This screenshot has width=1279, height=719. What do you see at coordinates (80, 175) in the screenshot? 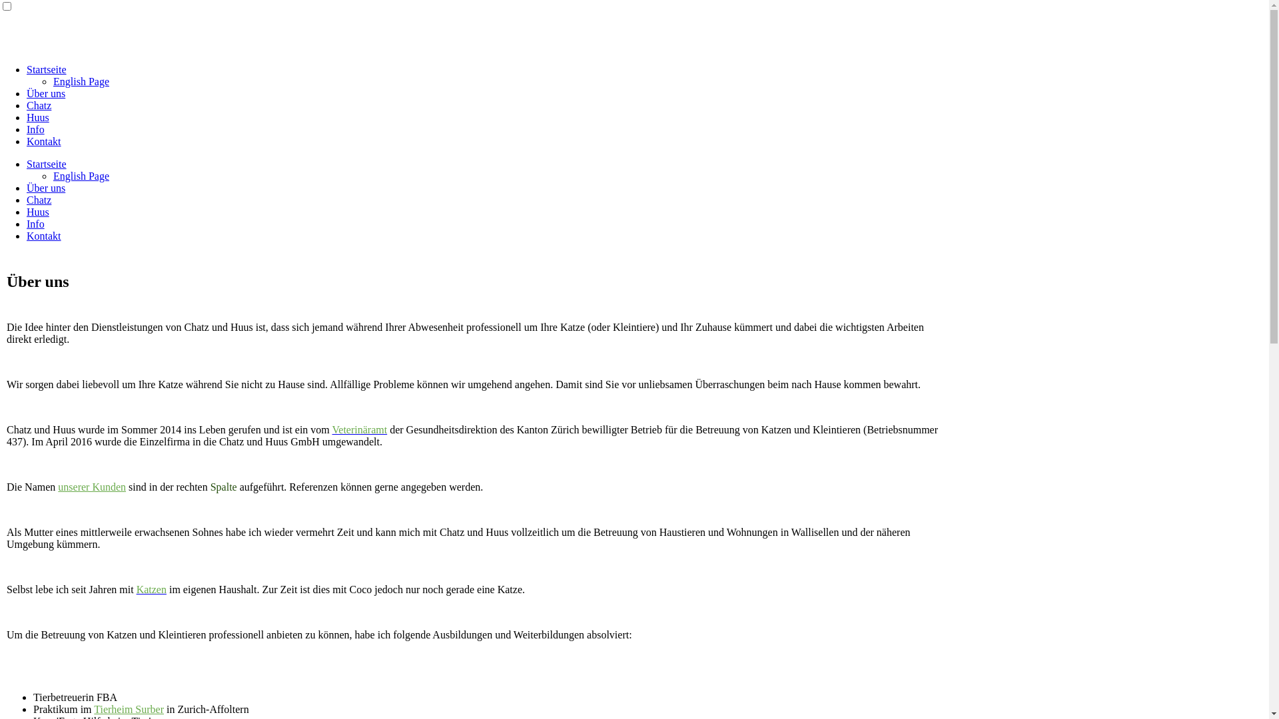
I see `'English Page'` at bounding box center [80, 175].